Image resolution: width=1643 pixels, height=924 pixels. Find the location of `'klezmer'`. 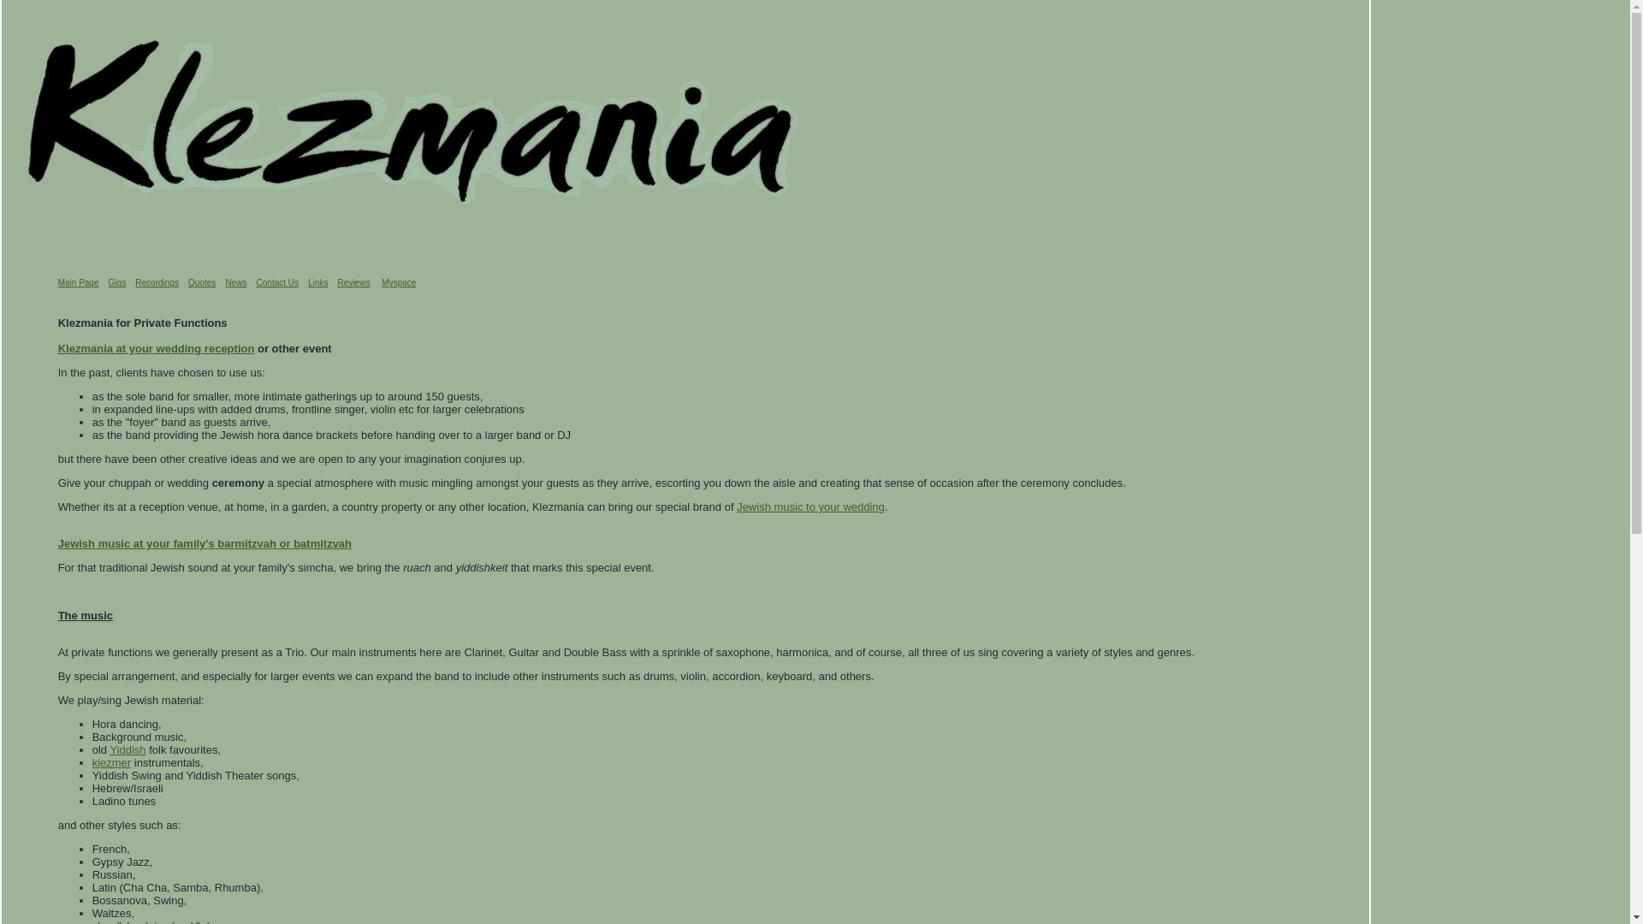

'klezmer' is located at coordinates (110, 761).